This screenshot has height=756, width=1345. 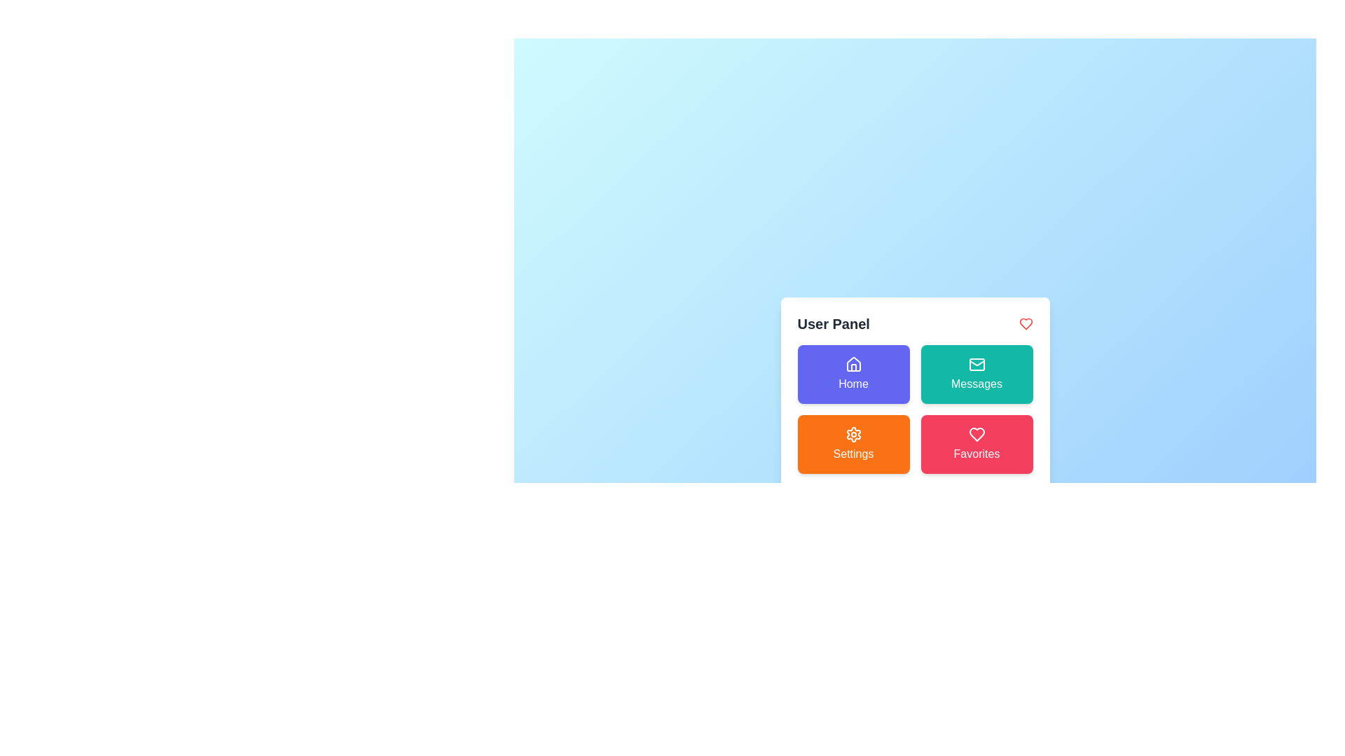 What do you see at coordinates (853, 363) in the screenshot?
I see `the 'Home' button which contains the house-shaped icon in the upper-left corner of the User Panel` at bounding box center [853, 363].